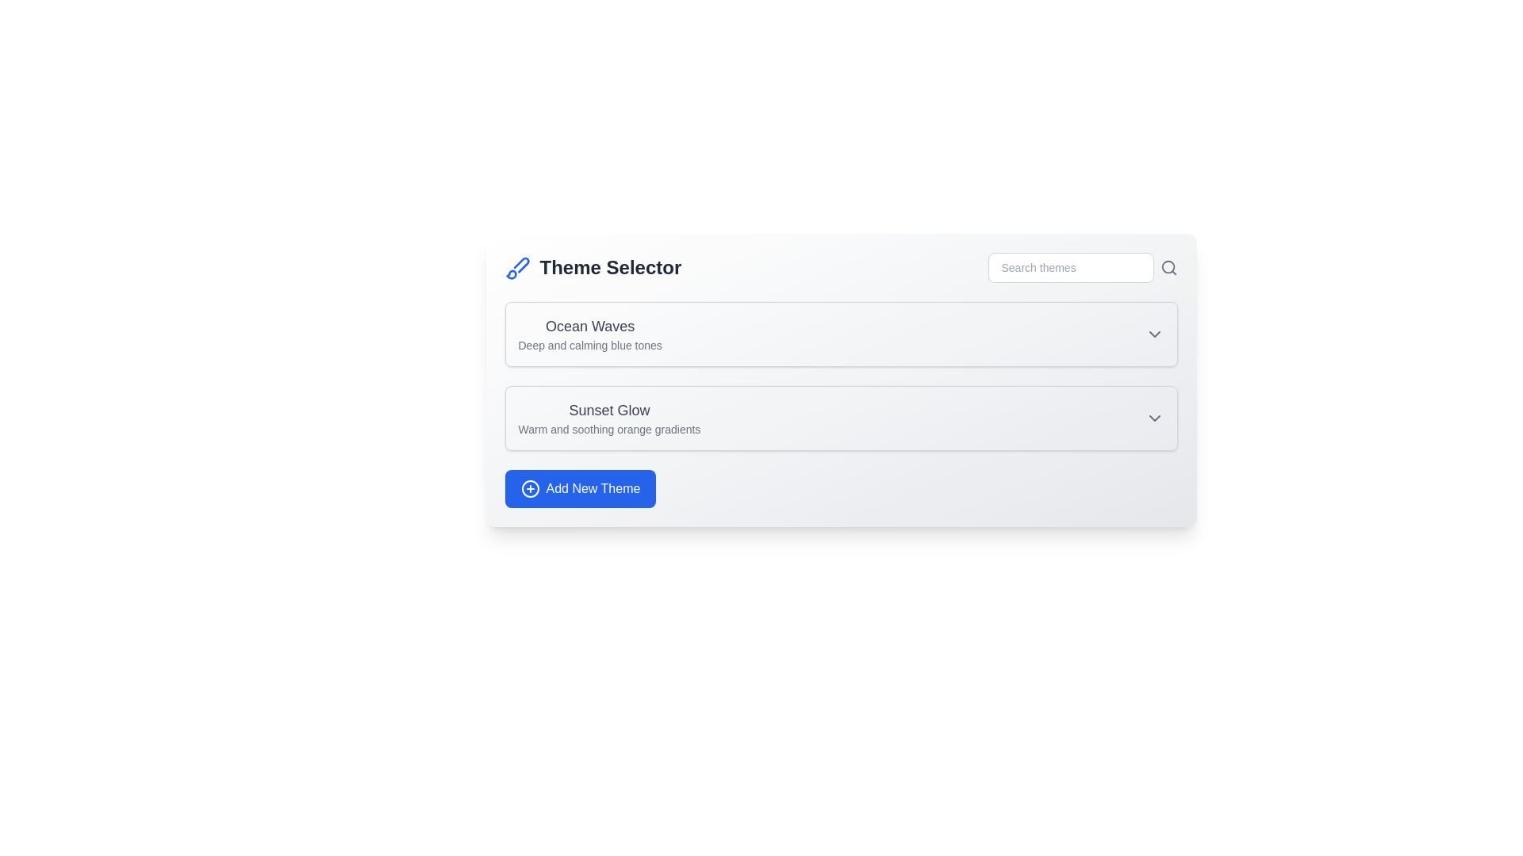  Describe the element at coordinates (589, 326) in the screenshot. I see `the text element displaying the title 'Ocean Waves', which serves as a label for the associated description in the theme list` at that location.